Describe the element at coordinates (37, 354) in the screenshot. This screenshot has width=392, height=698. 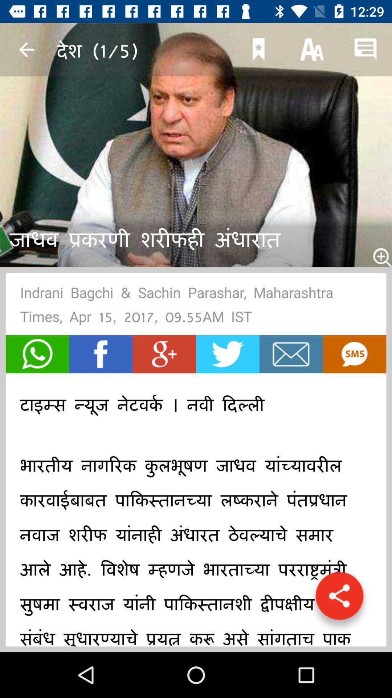
I see `make a phone call` at that location.